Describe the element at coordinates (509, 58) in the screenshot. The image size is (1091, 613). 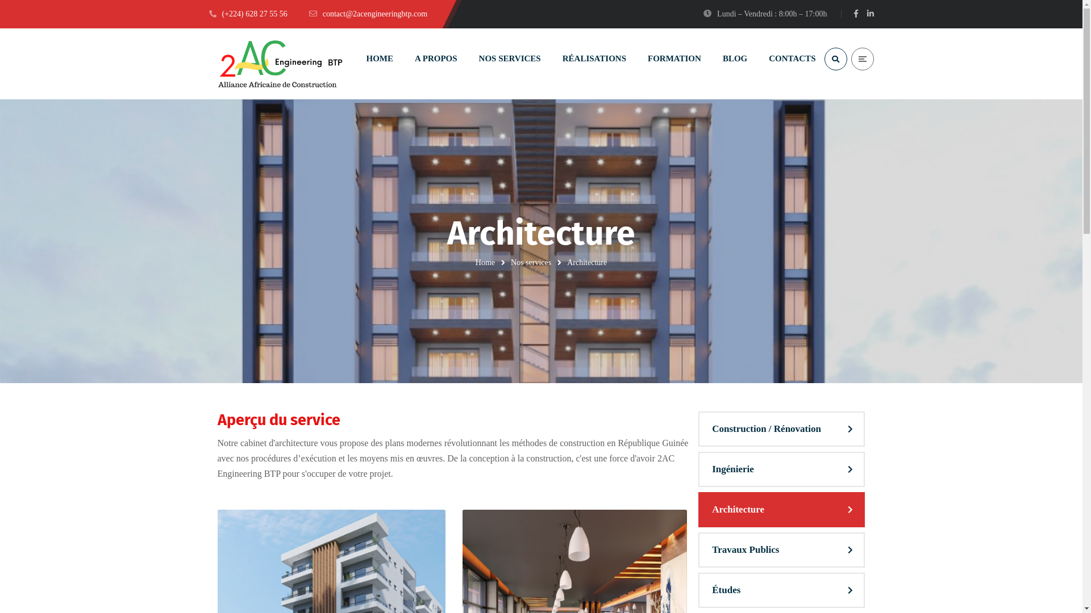
I see `'NOS SERVICES'` at that location.